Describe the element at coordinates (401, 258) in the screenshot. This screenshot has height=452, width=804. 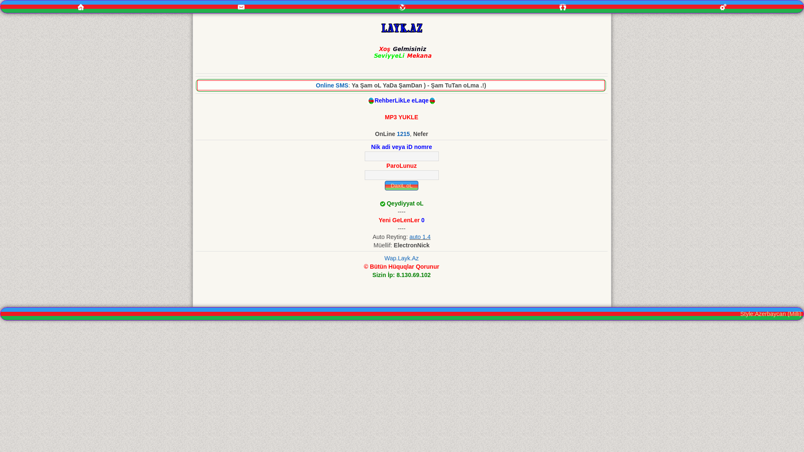
I see `'Wap.Layk.Az'` at that location.